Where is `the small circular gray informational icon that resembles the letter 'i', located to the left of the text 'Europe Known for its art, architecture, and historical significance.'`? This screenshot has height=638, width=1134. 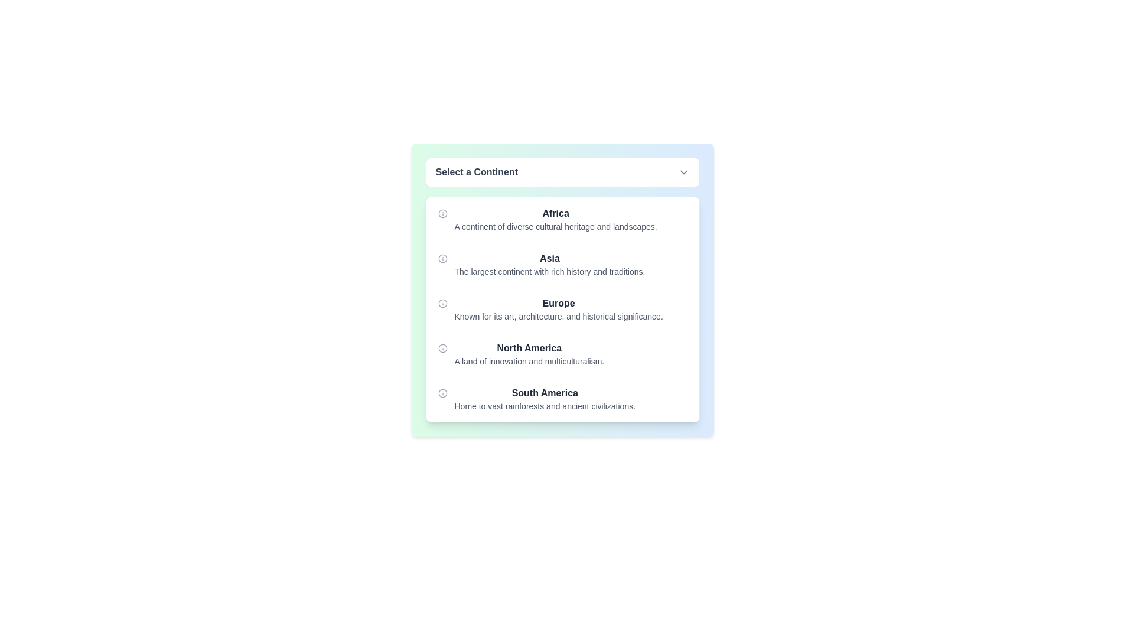
the small circular gray informational icon that resembles the letter 'i', located to the left of the text 'Europe Known for its art, architecture, and historical significance.' is located at coordinates (442, 302).